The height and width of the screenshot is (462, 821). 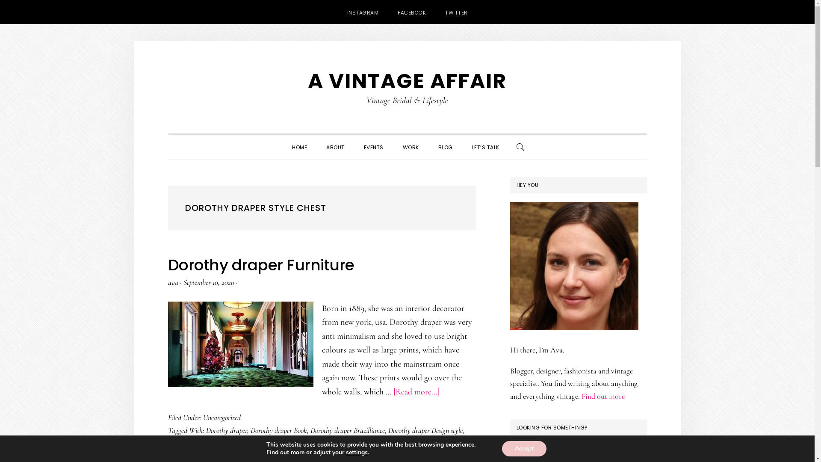 What do you see at coordinates (602, 396) in the screenshot?
I see `'Find out more'` at bounding box center [602, 396].